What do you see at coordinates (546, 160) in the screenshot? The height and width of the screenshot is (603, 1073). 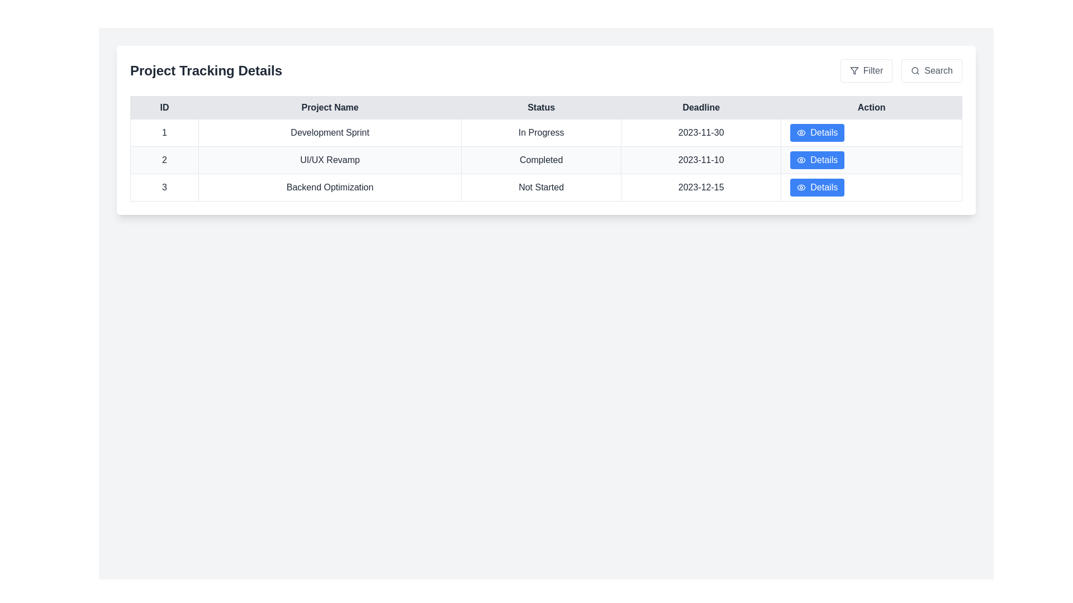 I see `the second row of the table that displays details about the 'UI/UX Revamp' project` at bounding box center [546, 160].